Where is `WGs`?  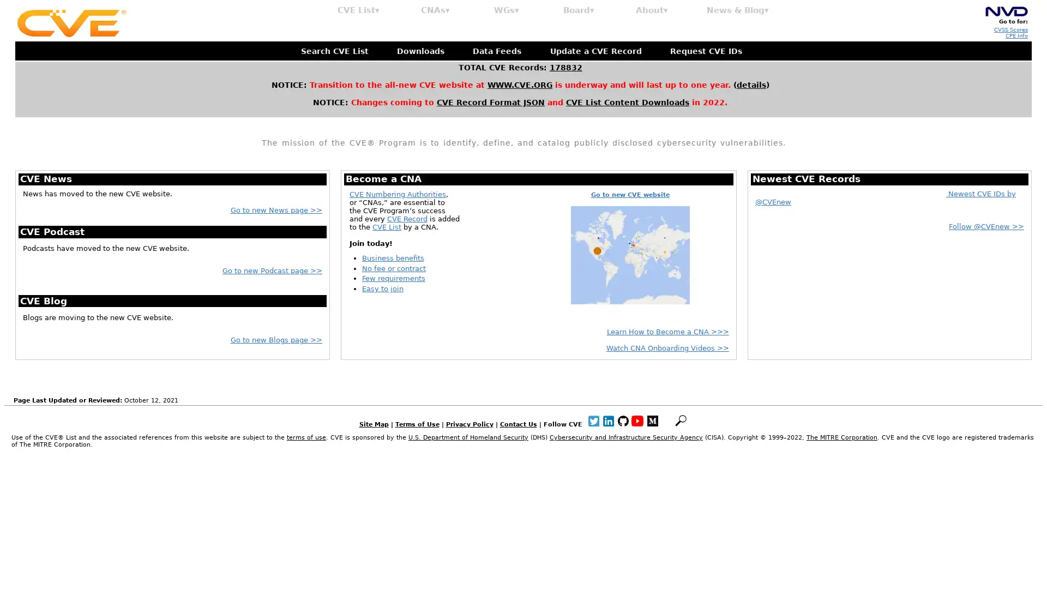
WGs is located at coordinates (506, 10).